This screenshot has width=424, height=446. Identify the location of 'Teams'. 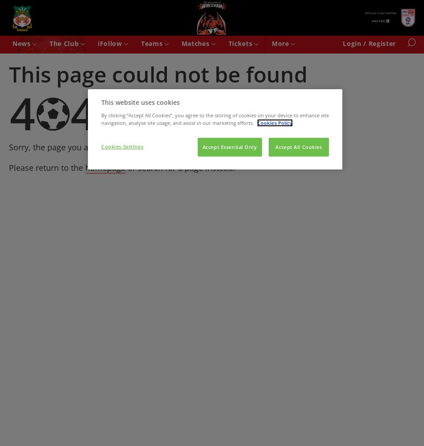
(152, 43).